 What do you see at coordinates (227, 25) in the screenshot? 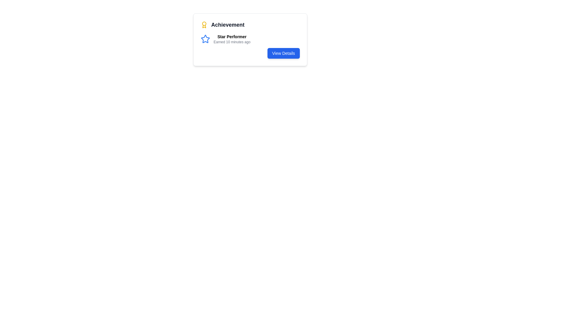
I see `the 'Achievement' text label, which is bold, black, and part of a card-like structure in the top-left region of the interface, aligned horizontally with a yellow award icon` at bounding box center [227, 25].